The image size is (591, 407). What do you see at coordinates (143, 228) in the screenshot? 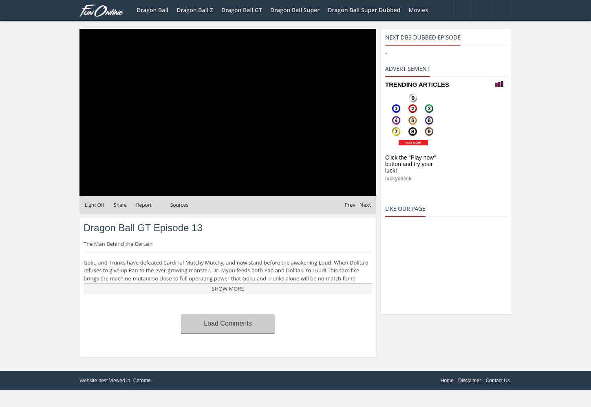
I see `'Dragon Ball GT Episode 13'` at bounding box center [143, 228].